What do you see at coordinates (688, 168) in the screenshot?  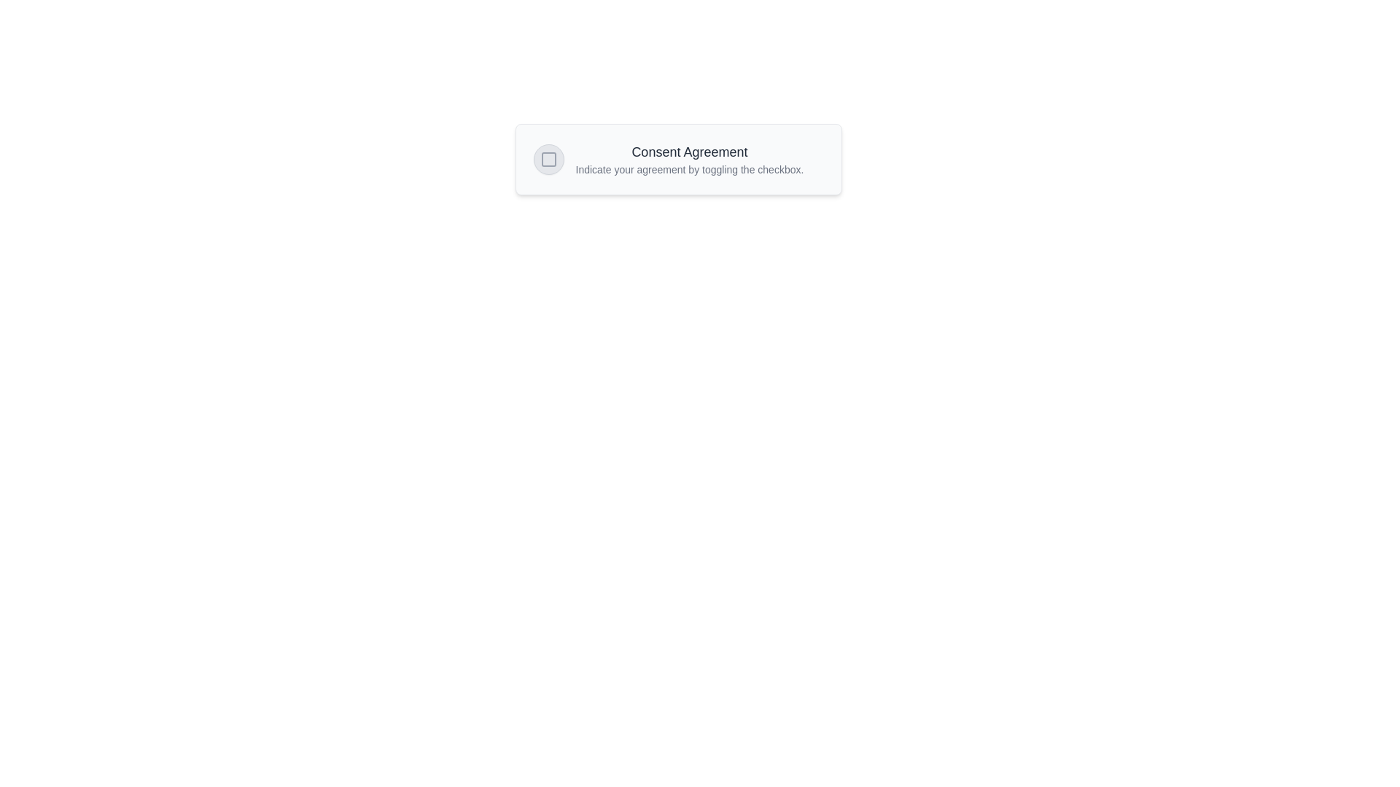 I see `the instructional text located beneath the 'Consent Agreement' text, which provides details on how to interact with the checkbox` at bounding box center [688, 168].